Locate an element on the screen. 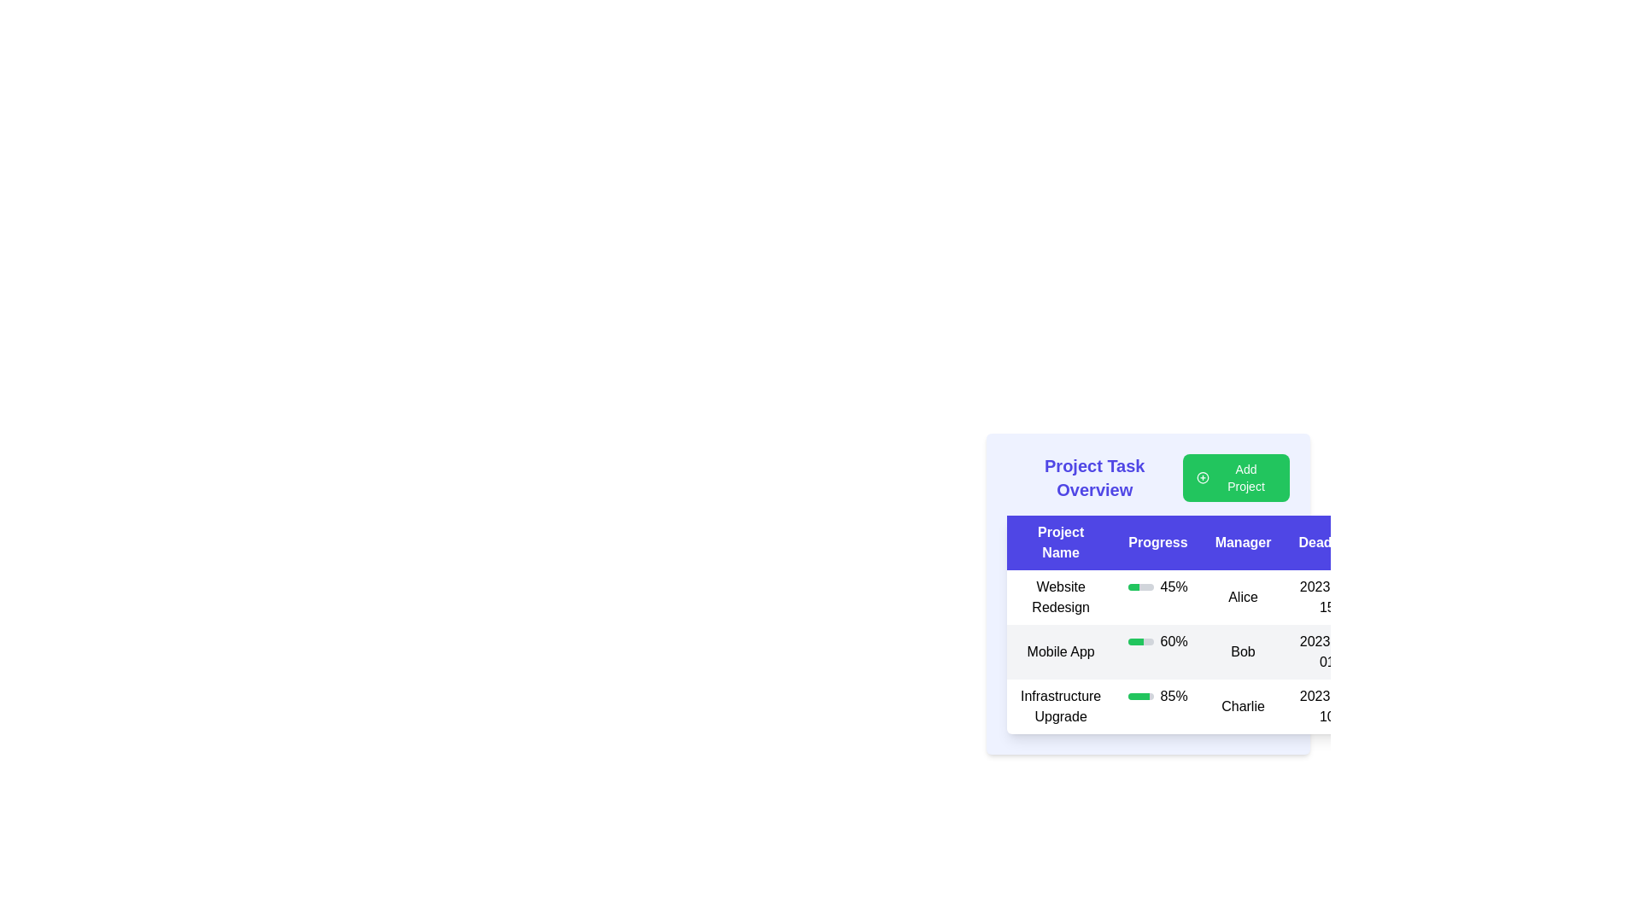 This screenshot has height=922, width=1640. the text label displaying the name 'Charlie' in the 'Manager' column of the tabular structure for the 'Infrastructure Upgrade' project is located at coordinates (1243, 707).